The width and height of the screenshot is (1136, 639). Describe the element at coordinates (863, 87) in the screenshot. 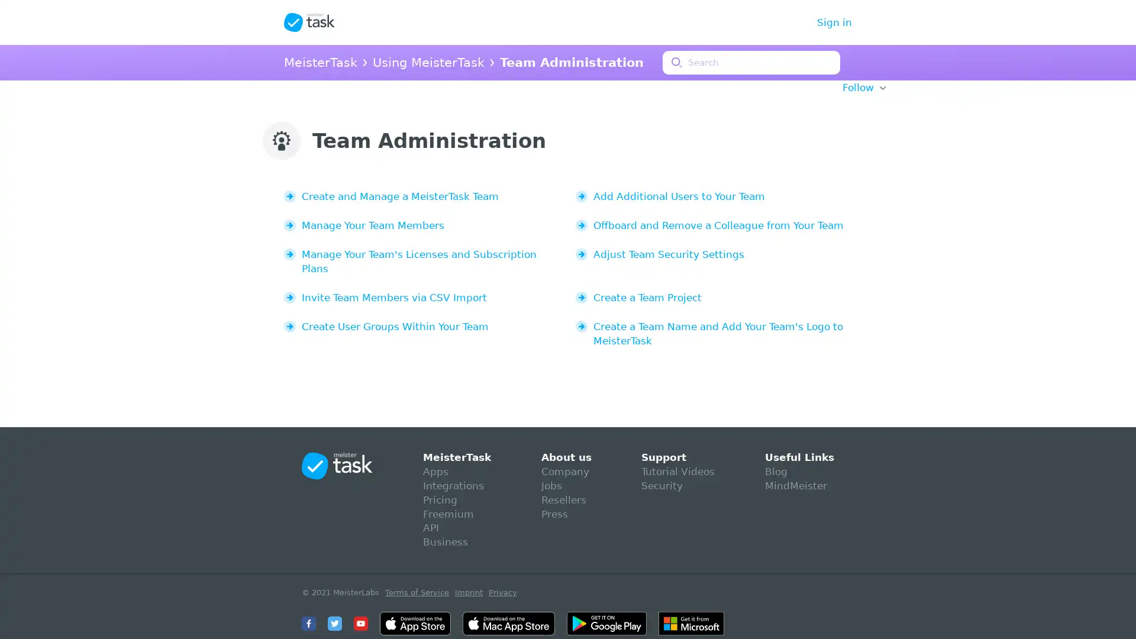

I see `Follow` at that location.